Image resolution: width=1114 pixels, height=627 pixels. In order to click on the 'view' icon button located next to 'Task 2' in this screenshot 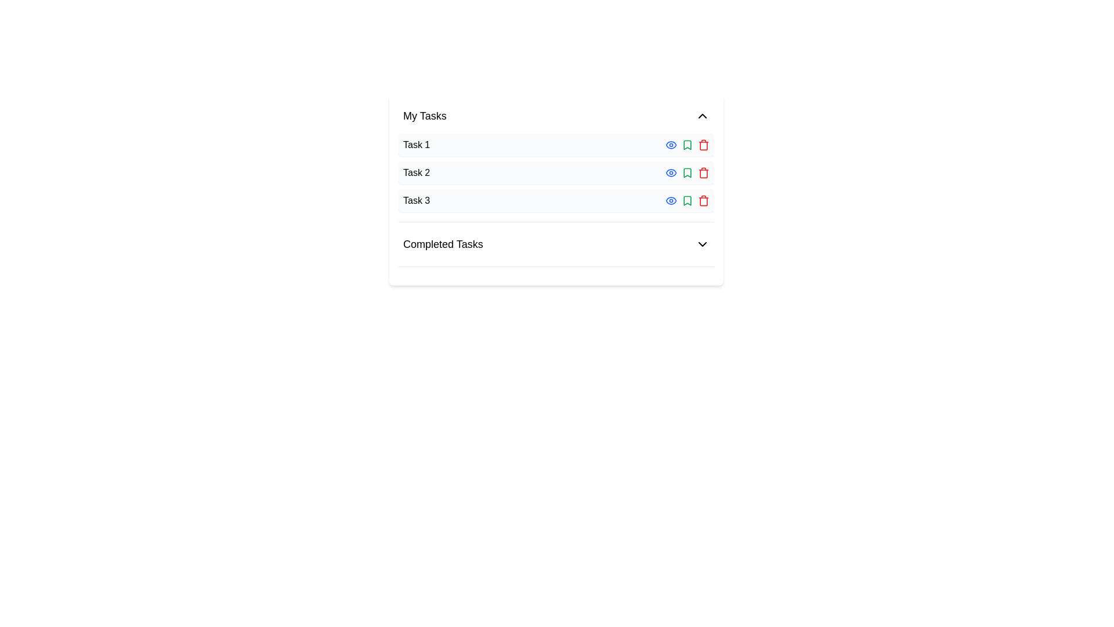, I will do `click(671, 172)`.